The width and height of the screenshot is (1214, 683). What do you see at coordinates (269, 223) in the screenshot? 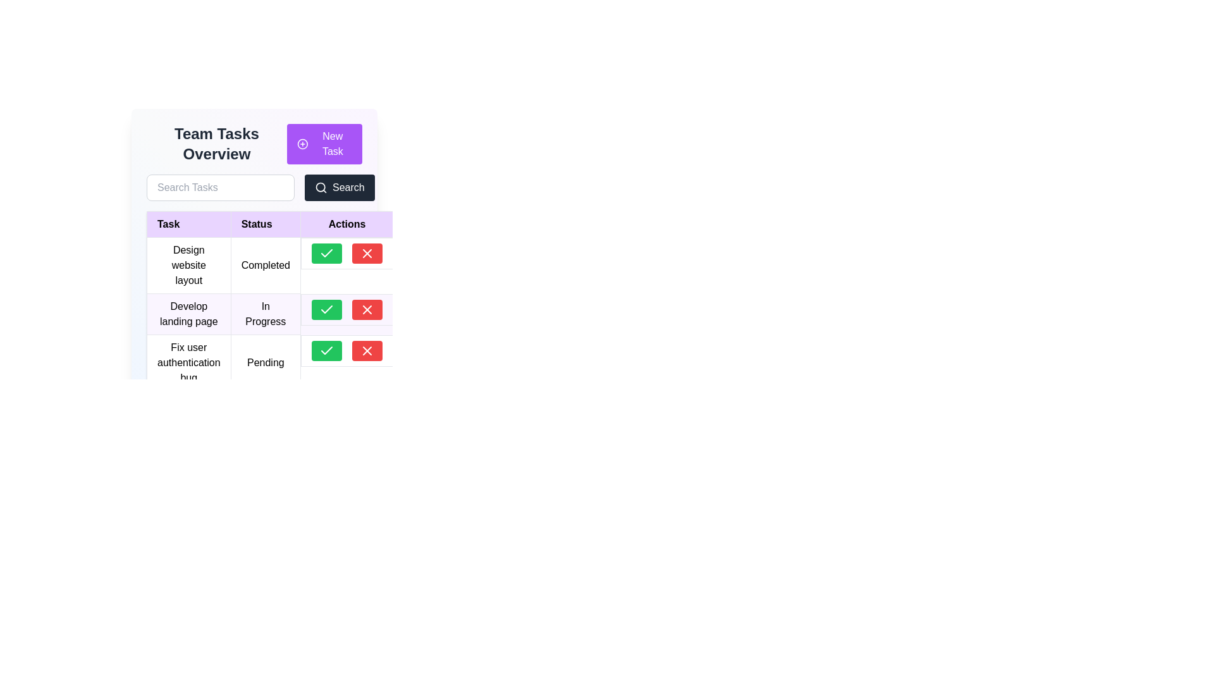
I see `the table header row with a purple background containing the labels 'Task', 'Status', and 'Actions'` at bounding box center [269, 223].